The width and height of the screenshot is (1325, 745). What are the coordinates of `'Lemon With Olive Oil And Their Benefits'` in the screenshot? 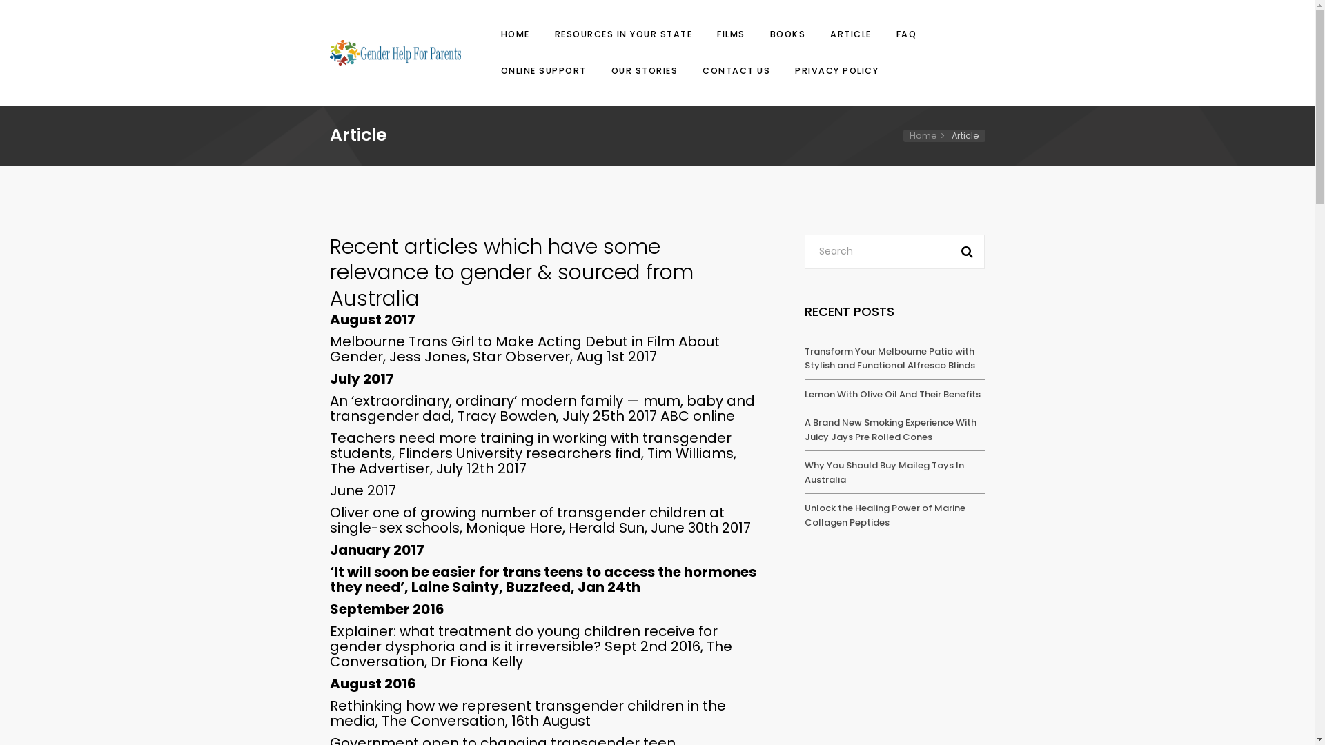 It's located at (805, 394).